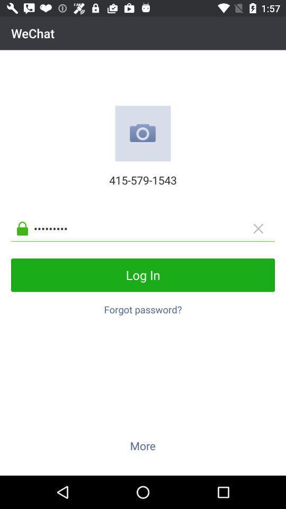 The image size is (286, 509). What do you see at coordinates (151, 229) in the screenshot?
I see `app below the 415-579-1543 item` at bounding box center [151, 229].